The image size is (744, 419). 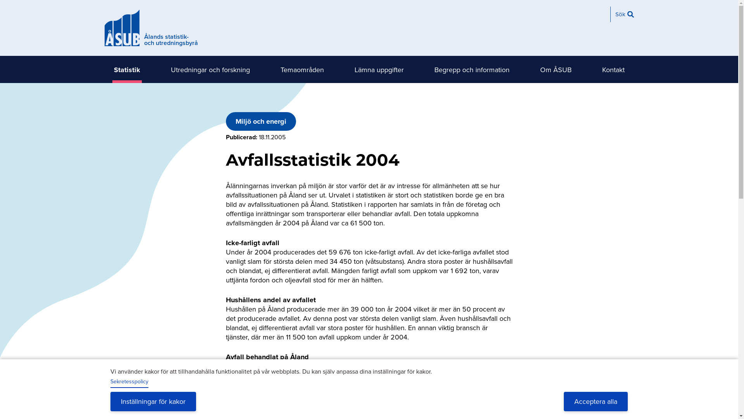 What do you see at coordinates (127, 69) in the screenshot?
I see `'Statistik'` at bounding box center [127, 69].